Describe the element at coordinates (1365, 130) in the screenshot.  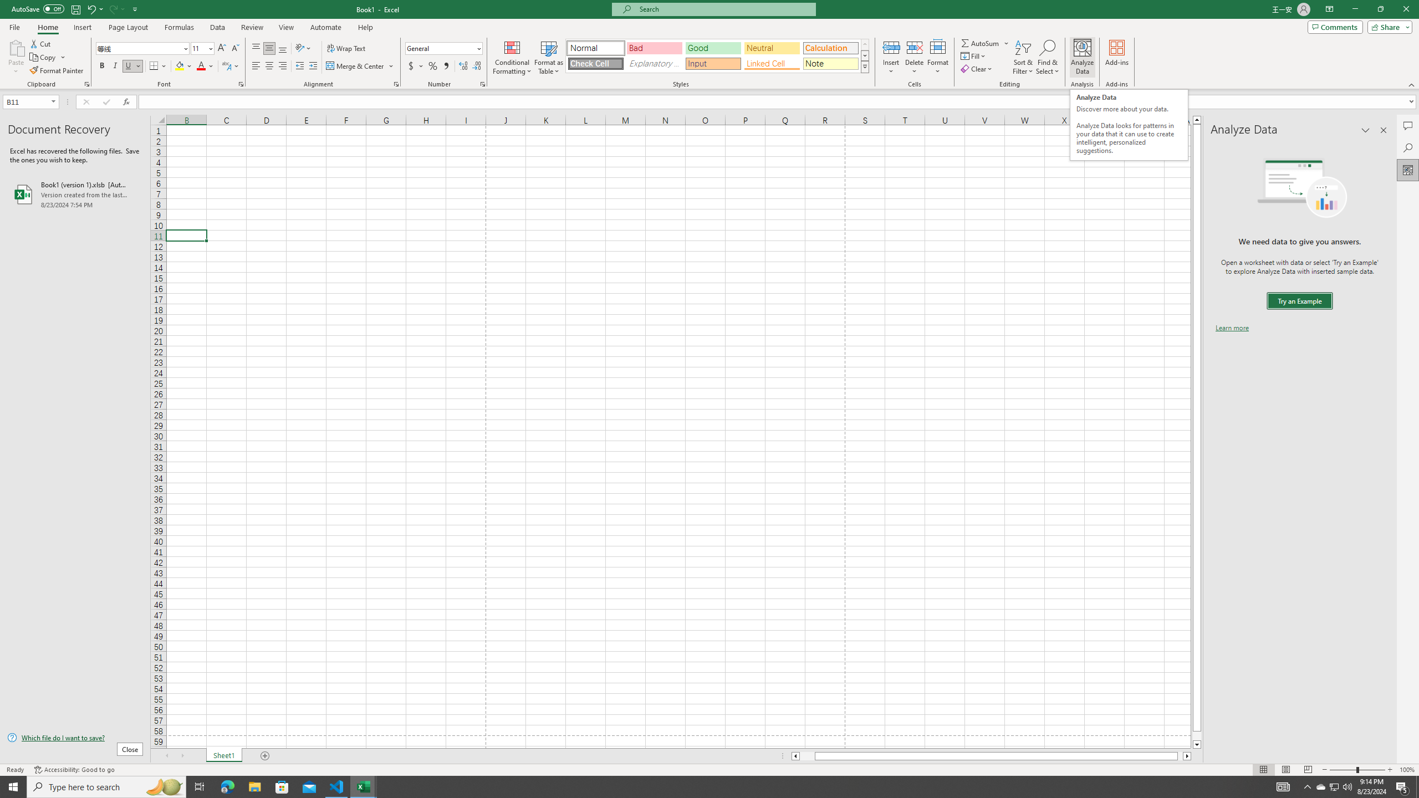
I see `'Task Pane Options'` at that location.